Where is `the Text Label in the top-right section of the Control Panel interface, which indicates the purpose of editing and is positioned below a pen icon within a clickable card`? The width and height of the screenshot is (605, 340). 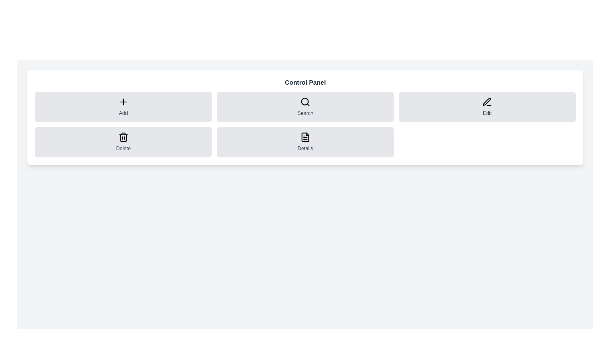
the Text Label in the top-right section of the Control Panel interface, which indicates the purpose of editing and is positioned below a pen icon within a clickable card is located at coordinates (487, 113).